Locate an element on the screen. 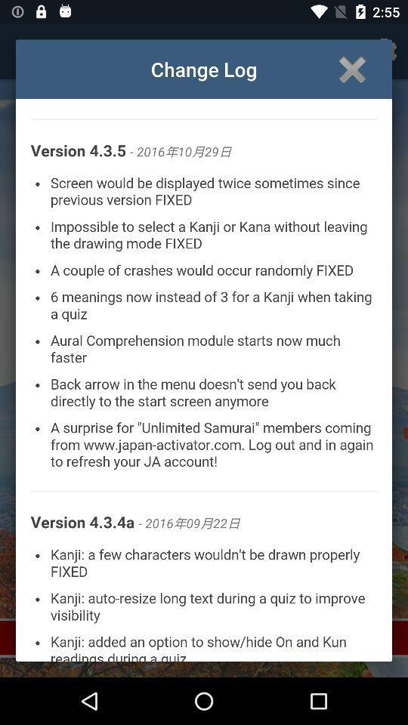 This screenshot has width=408, height=725. the close icon is located at coordinates (352, 74).